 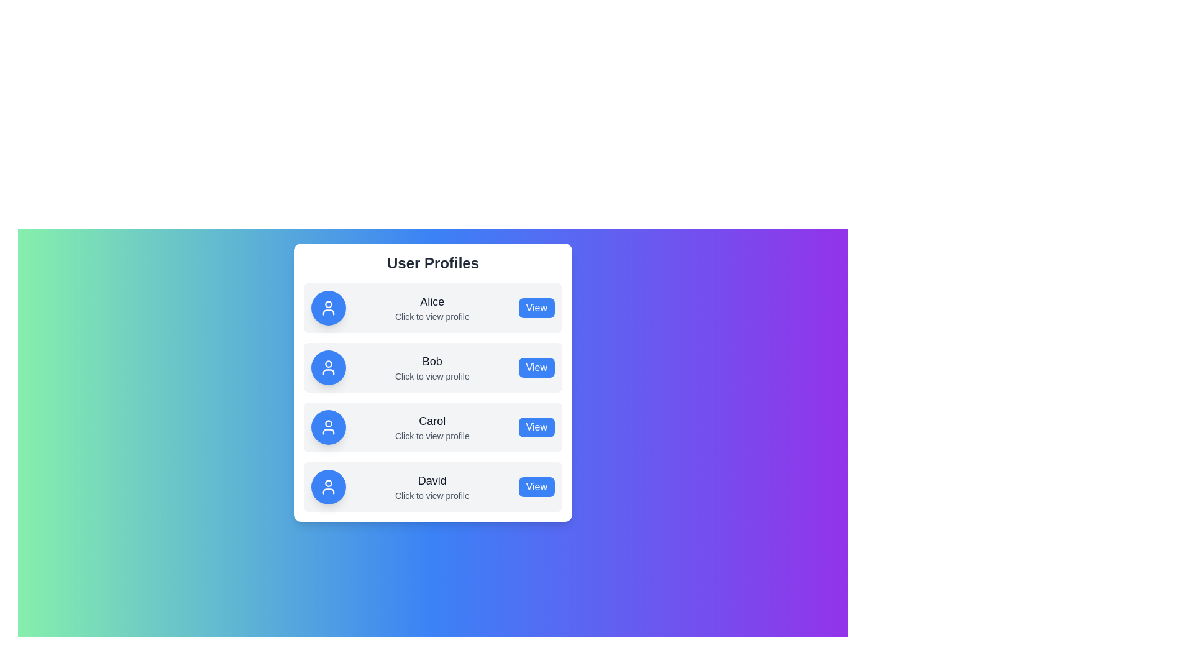 What do you see at coordinates (432, 436) in the screenshot?
I see `the text label displaying 'Click` at bounding box center [432, 436].